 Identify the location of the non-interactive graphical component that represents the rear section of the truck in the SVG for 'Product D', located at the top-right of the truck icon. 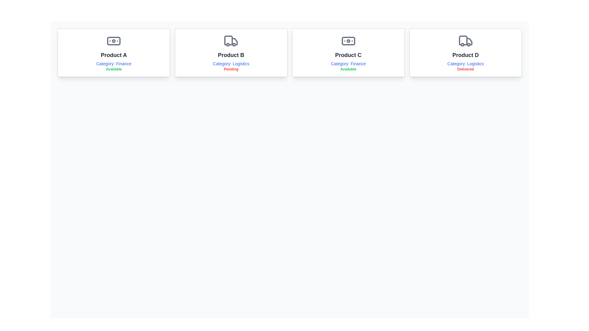
(469, 41).